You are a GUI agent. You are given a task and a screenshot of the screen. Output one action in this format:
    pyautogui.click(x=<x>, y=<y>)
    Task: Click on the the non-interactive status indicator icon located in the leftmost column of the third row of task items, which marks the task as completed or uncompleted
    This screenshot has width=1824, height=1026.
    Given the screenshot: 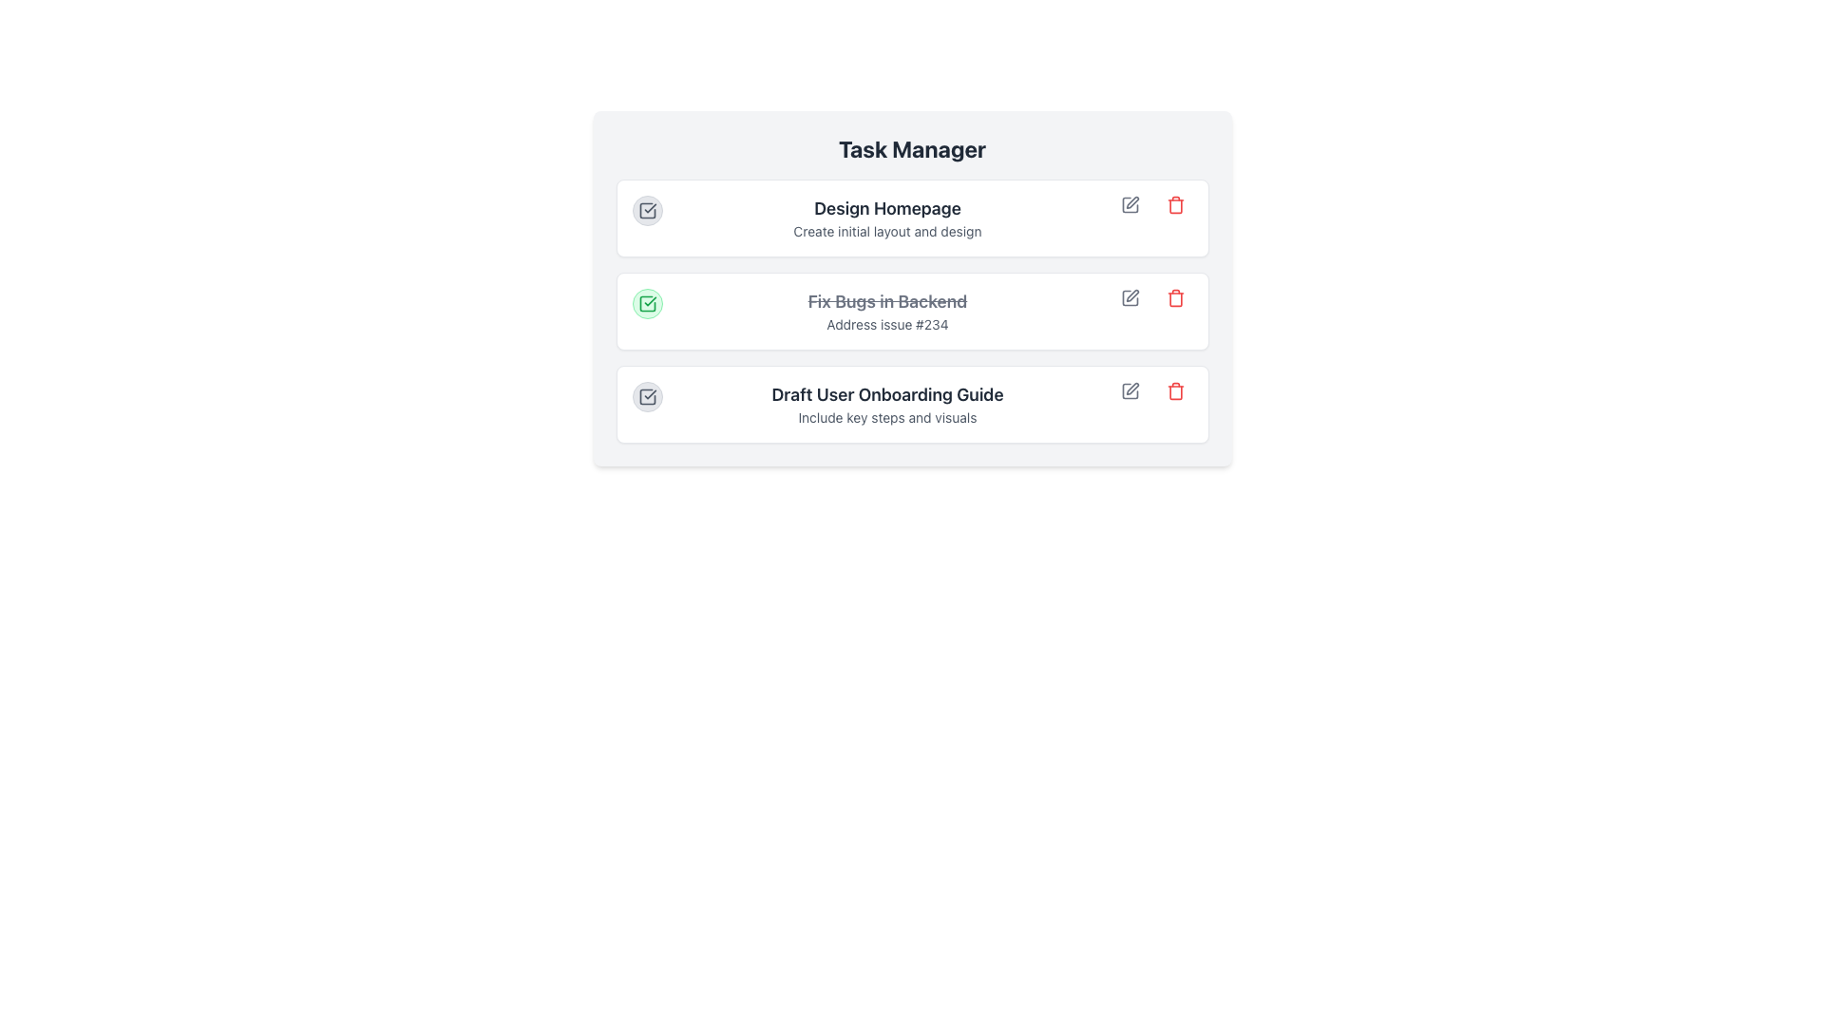 What is the action you would take?
    pyautogui.click(x=647, y=395)
    